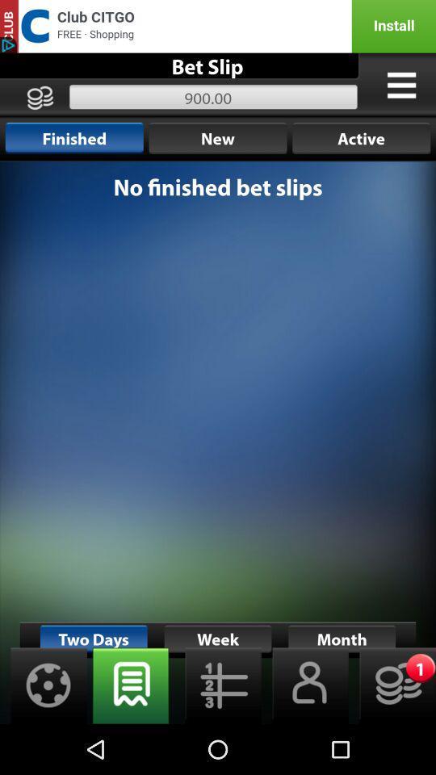 This screenshot has width=436, height=775. What do you see at coordinates (392, 734) in the screenshot?
I see `the emoji icon` at bounding box center [392, 734].